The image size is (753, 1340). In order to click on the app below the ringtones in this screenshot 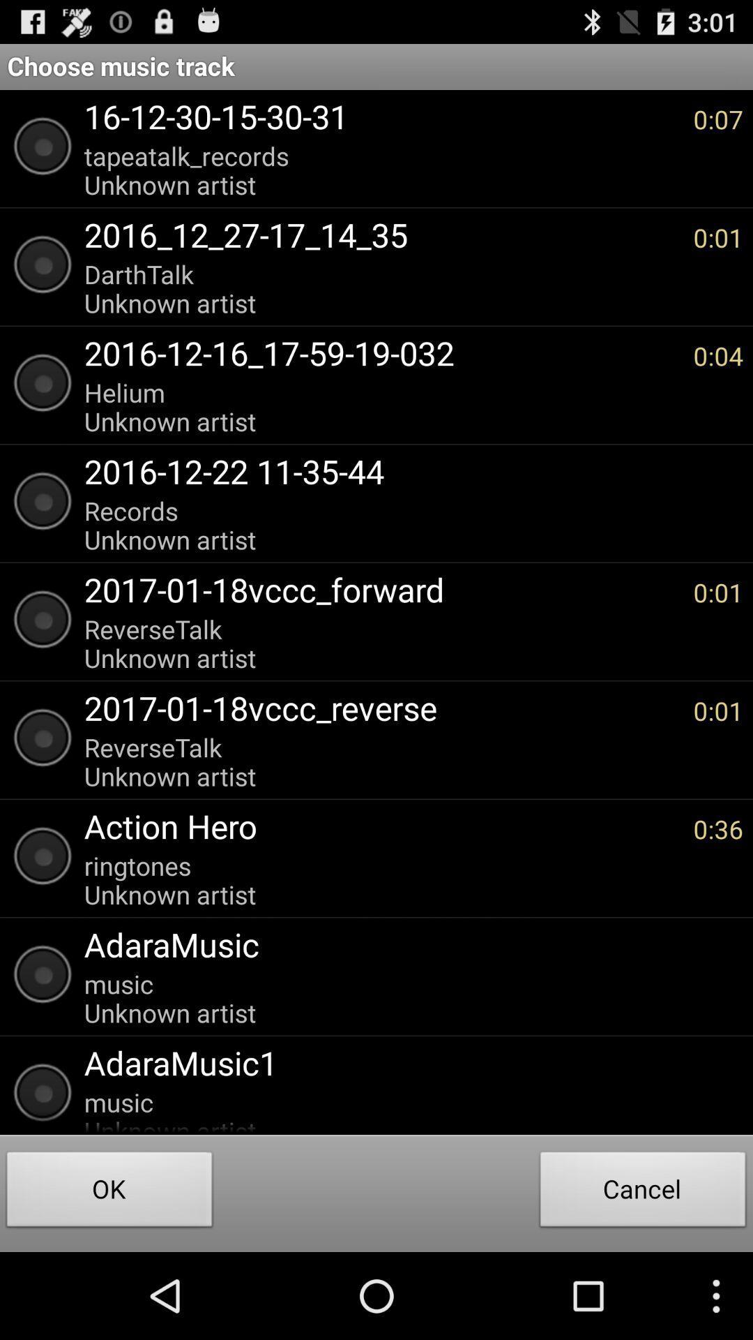, I will do `click(406, 944)`.